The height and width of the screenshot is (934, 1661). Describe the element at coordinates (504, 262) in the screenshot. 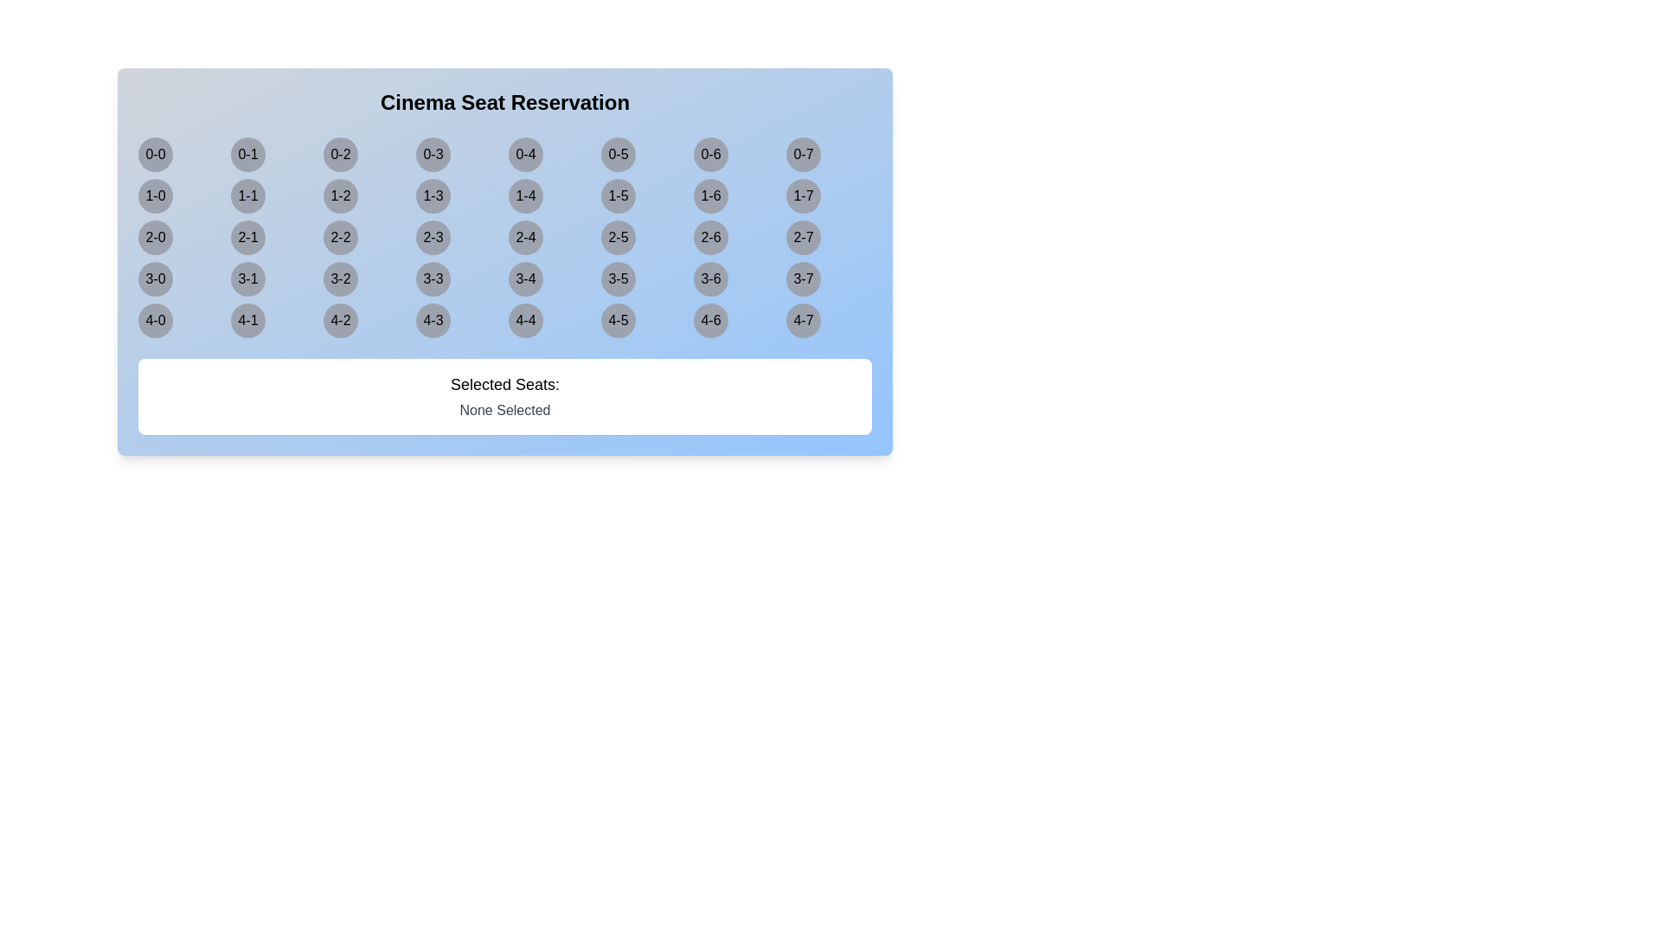

I see `the seat reservation interface` at that location.